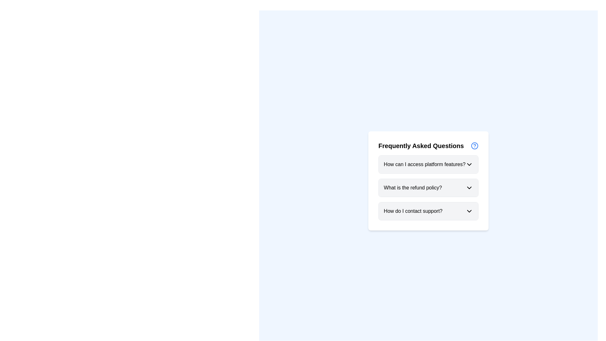 This screenshot has width=606, height=341. Describe the element at coordinates (428, 187) in the screenshot. I see `the second question in the Expandable FAQ section` at that location.